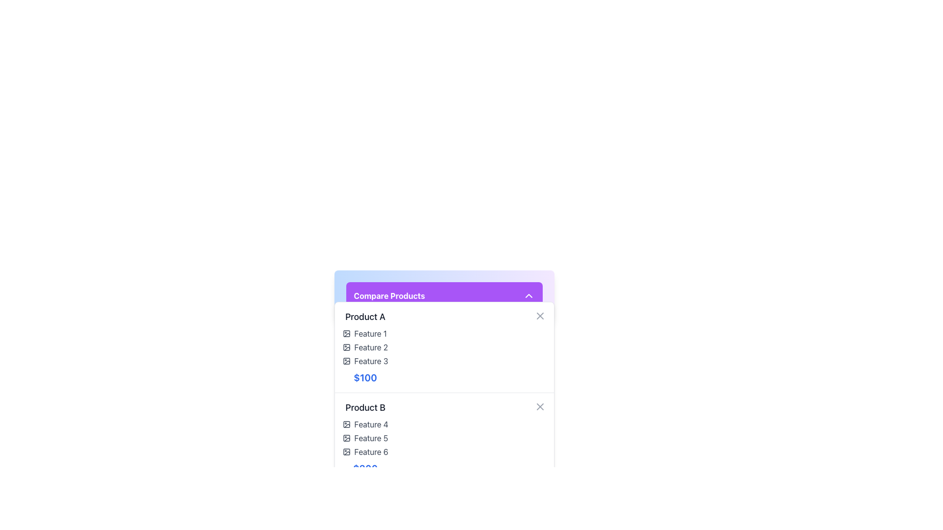 The image size is (943, 530). What do you see at coordinates (365, 424) in the screenshot?
I see `the first item in the list of features under 'Product B' that represents an attribute or feature associated with a product` at bounding box center [365, 424].